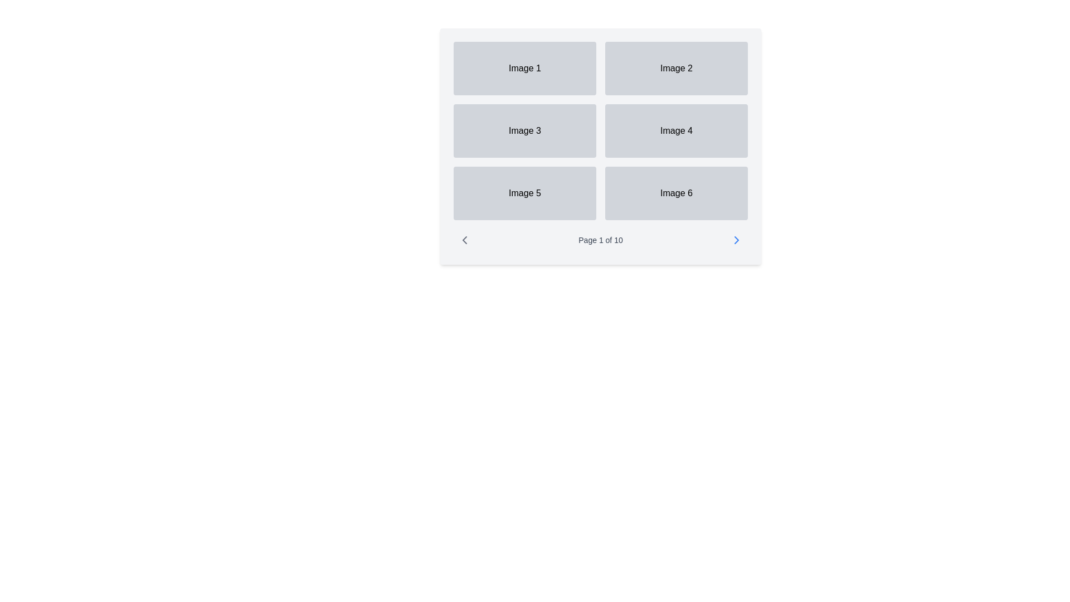 This screenshot has width=1070, height=602. What do you see at coordinates (465, 240) in the screenshot?
I see `the small rectangular button with a leftward-pointing chevron icon, located at the bottom-left corner of the navigation area` at bounding box center [465, 240].